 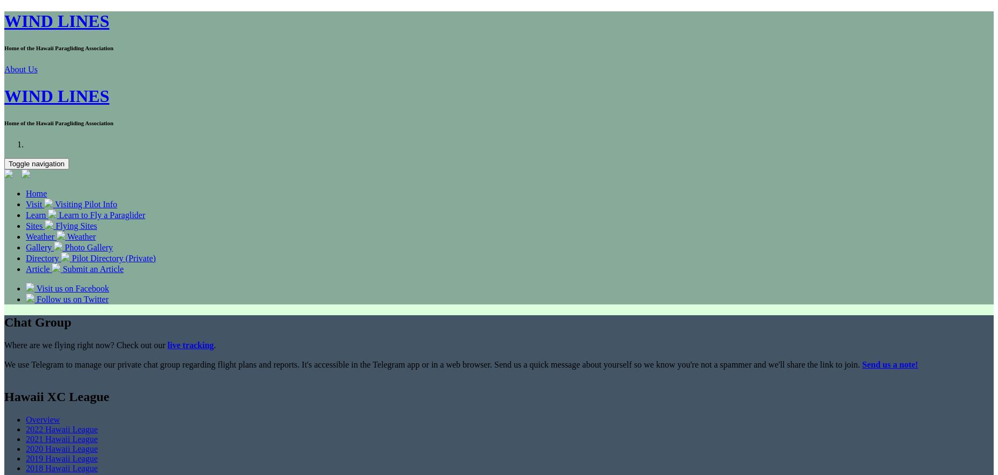 What do you see at coordinates (36, 162) in the screenshot?
I see `'Toggle navigation'` at bounding box center [36, 162].